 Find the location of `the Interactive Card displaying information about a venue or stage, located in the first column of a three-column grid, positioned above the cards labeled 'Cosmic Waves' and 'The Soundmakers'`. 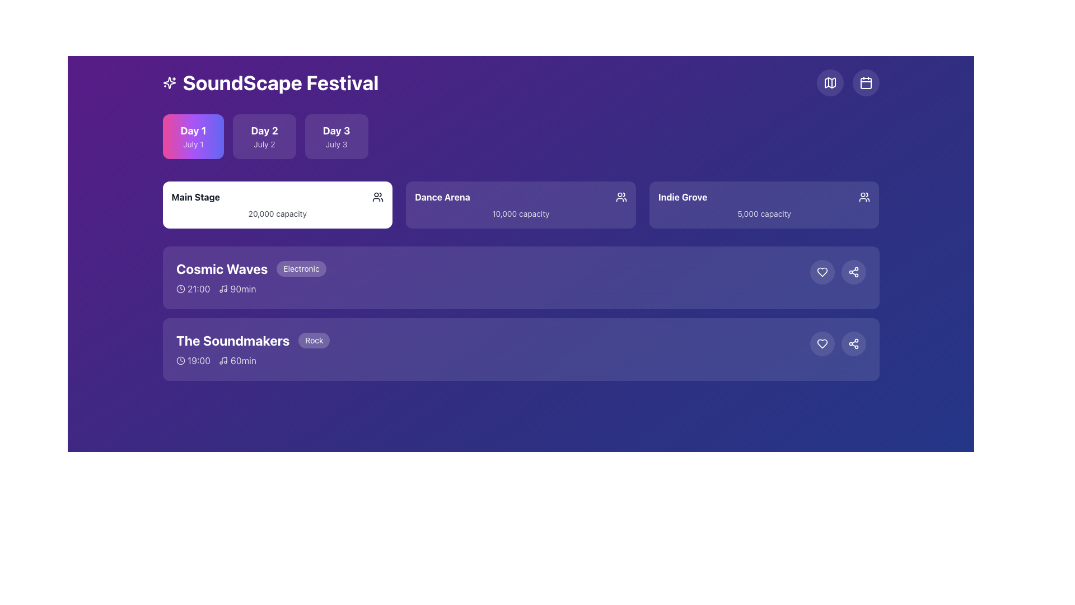

the Interactive Card displaying information about a venue or stage, located in the first column of a three-column grid, positioned above the cards labeled 'Cosmic Waves' and 'The Soundmakers' is located at coordinates (277, 205).